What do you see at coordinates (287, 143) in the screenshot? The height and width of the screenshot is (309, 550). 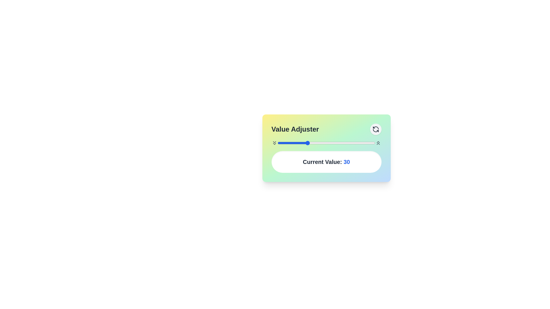 I see `the slider to set the value to 10` at bounding box center [287, 143].